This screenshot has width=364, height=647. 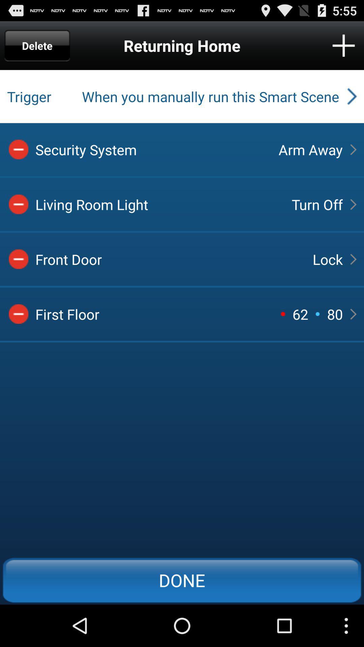 What do you see at coordinates (18, 313) in the screenshot?
I see `delete` at bounding box center [18, 313].